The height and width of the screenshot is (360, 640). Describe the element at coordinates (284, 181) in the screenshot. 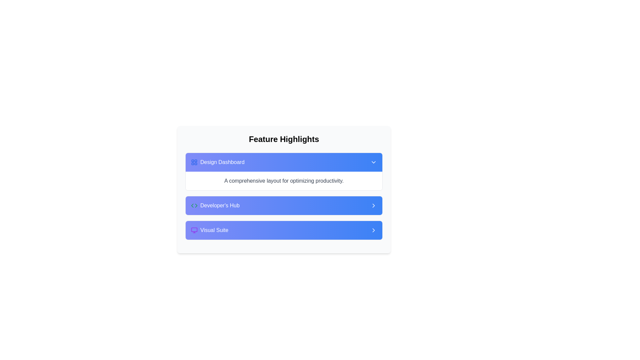

I see `text from the rectangular text box that states 'A comprehensive layout for optimizing productivity.' located centrally below the 'Design Dashboard' header` at that location.